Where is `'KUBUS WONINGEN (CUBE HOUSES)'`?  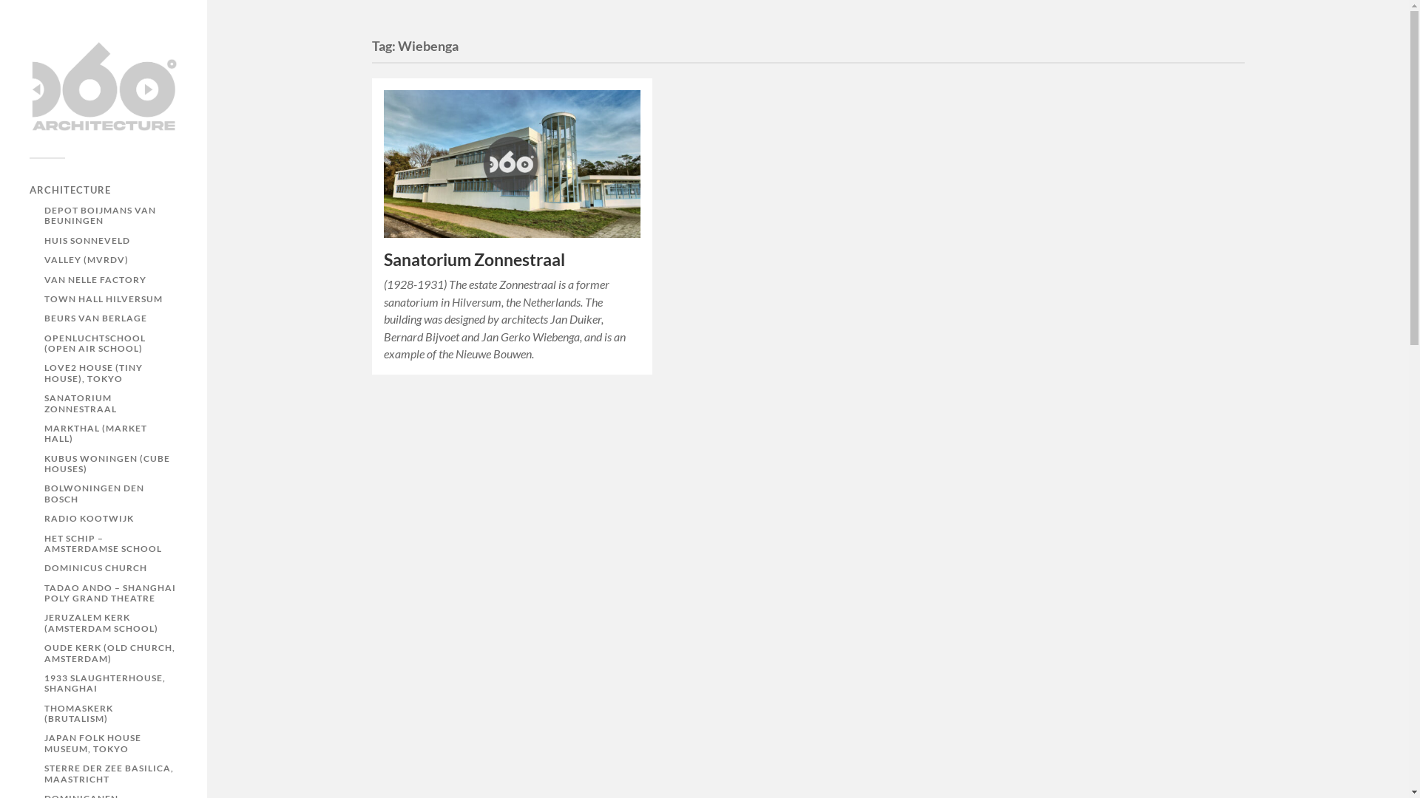 'KUBUS WONINGEN (CUBE HOUSES)' is located at coordinates (44, 463).